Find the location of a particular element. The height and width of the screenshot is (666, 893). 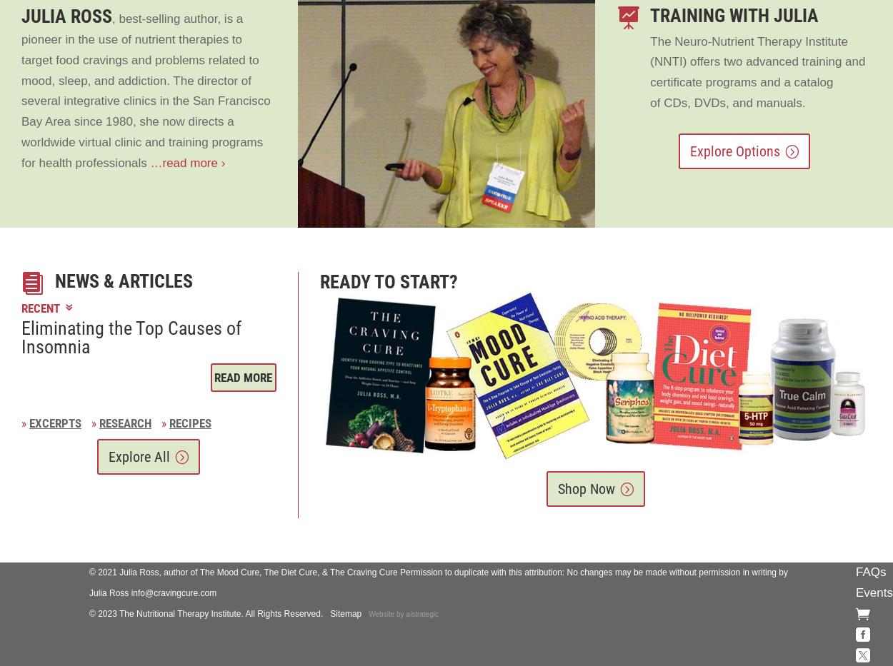

'The Neuro-Nutrient Therapy Institute (NNTI) offers two advanced training and certificate programs and a catalog of CDs, DVDs, and manuals.' is located at coordinates (757, 72).